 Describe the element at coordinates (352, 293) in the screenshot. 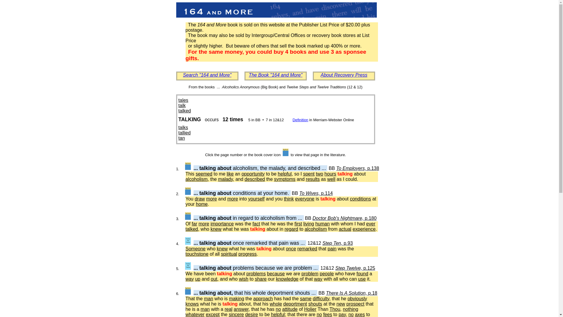

I see `'There Is A Solution, p.18'` at that location.